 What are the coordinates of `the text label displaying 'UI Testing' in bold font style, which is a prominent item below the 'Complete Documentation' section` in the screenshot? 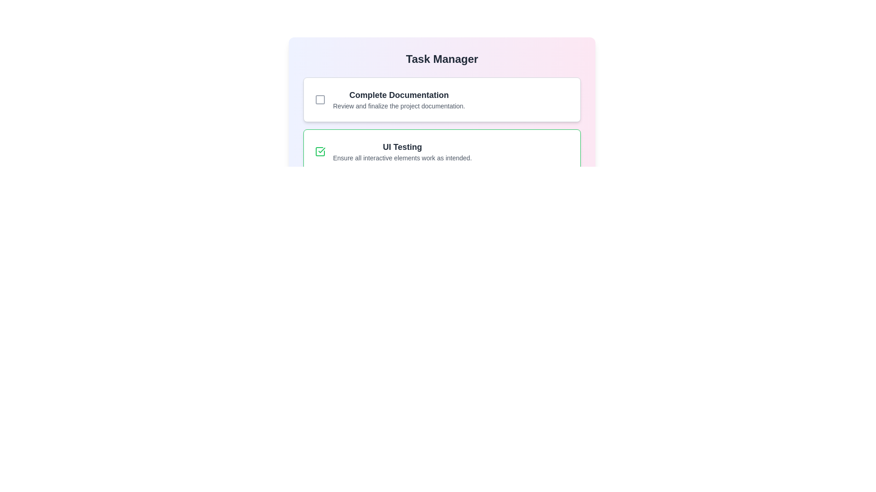 It's located at (402, 147).